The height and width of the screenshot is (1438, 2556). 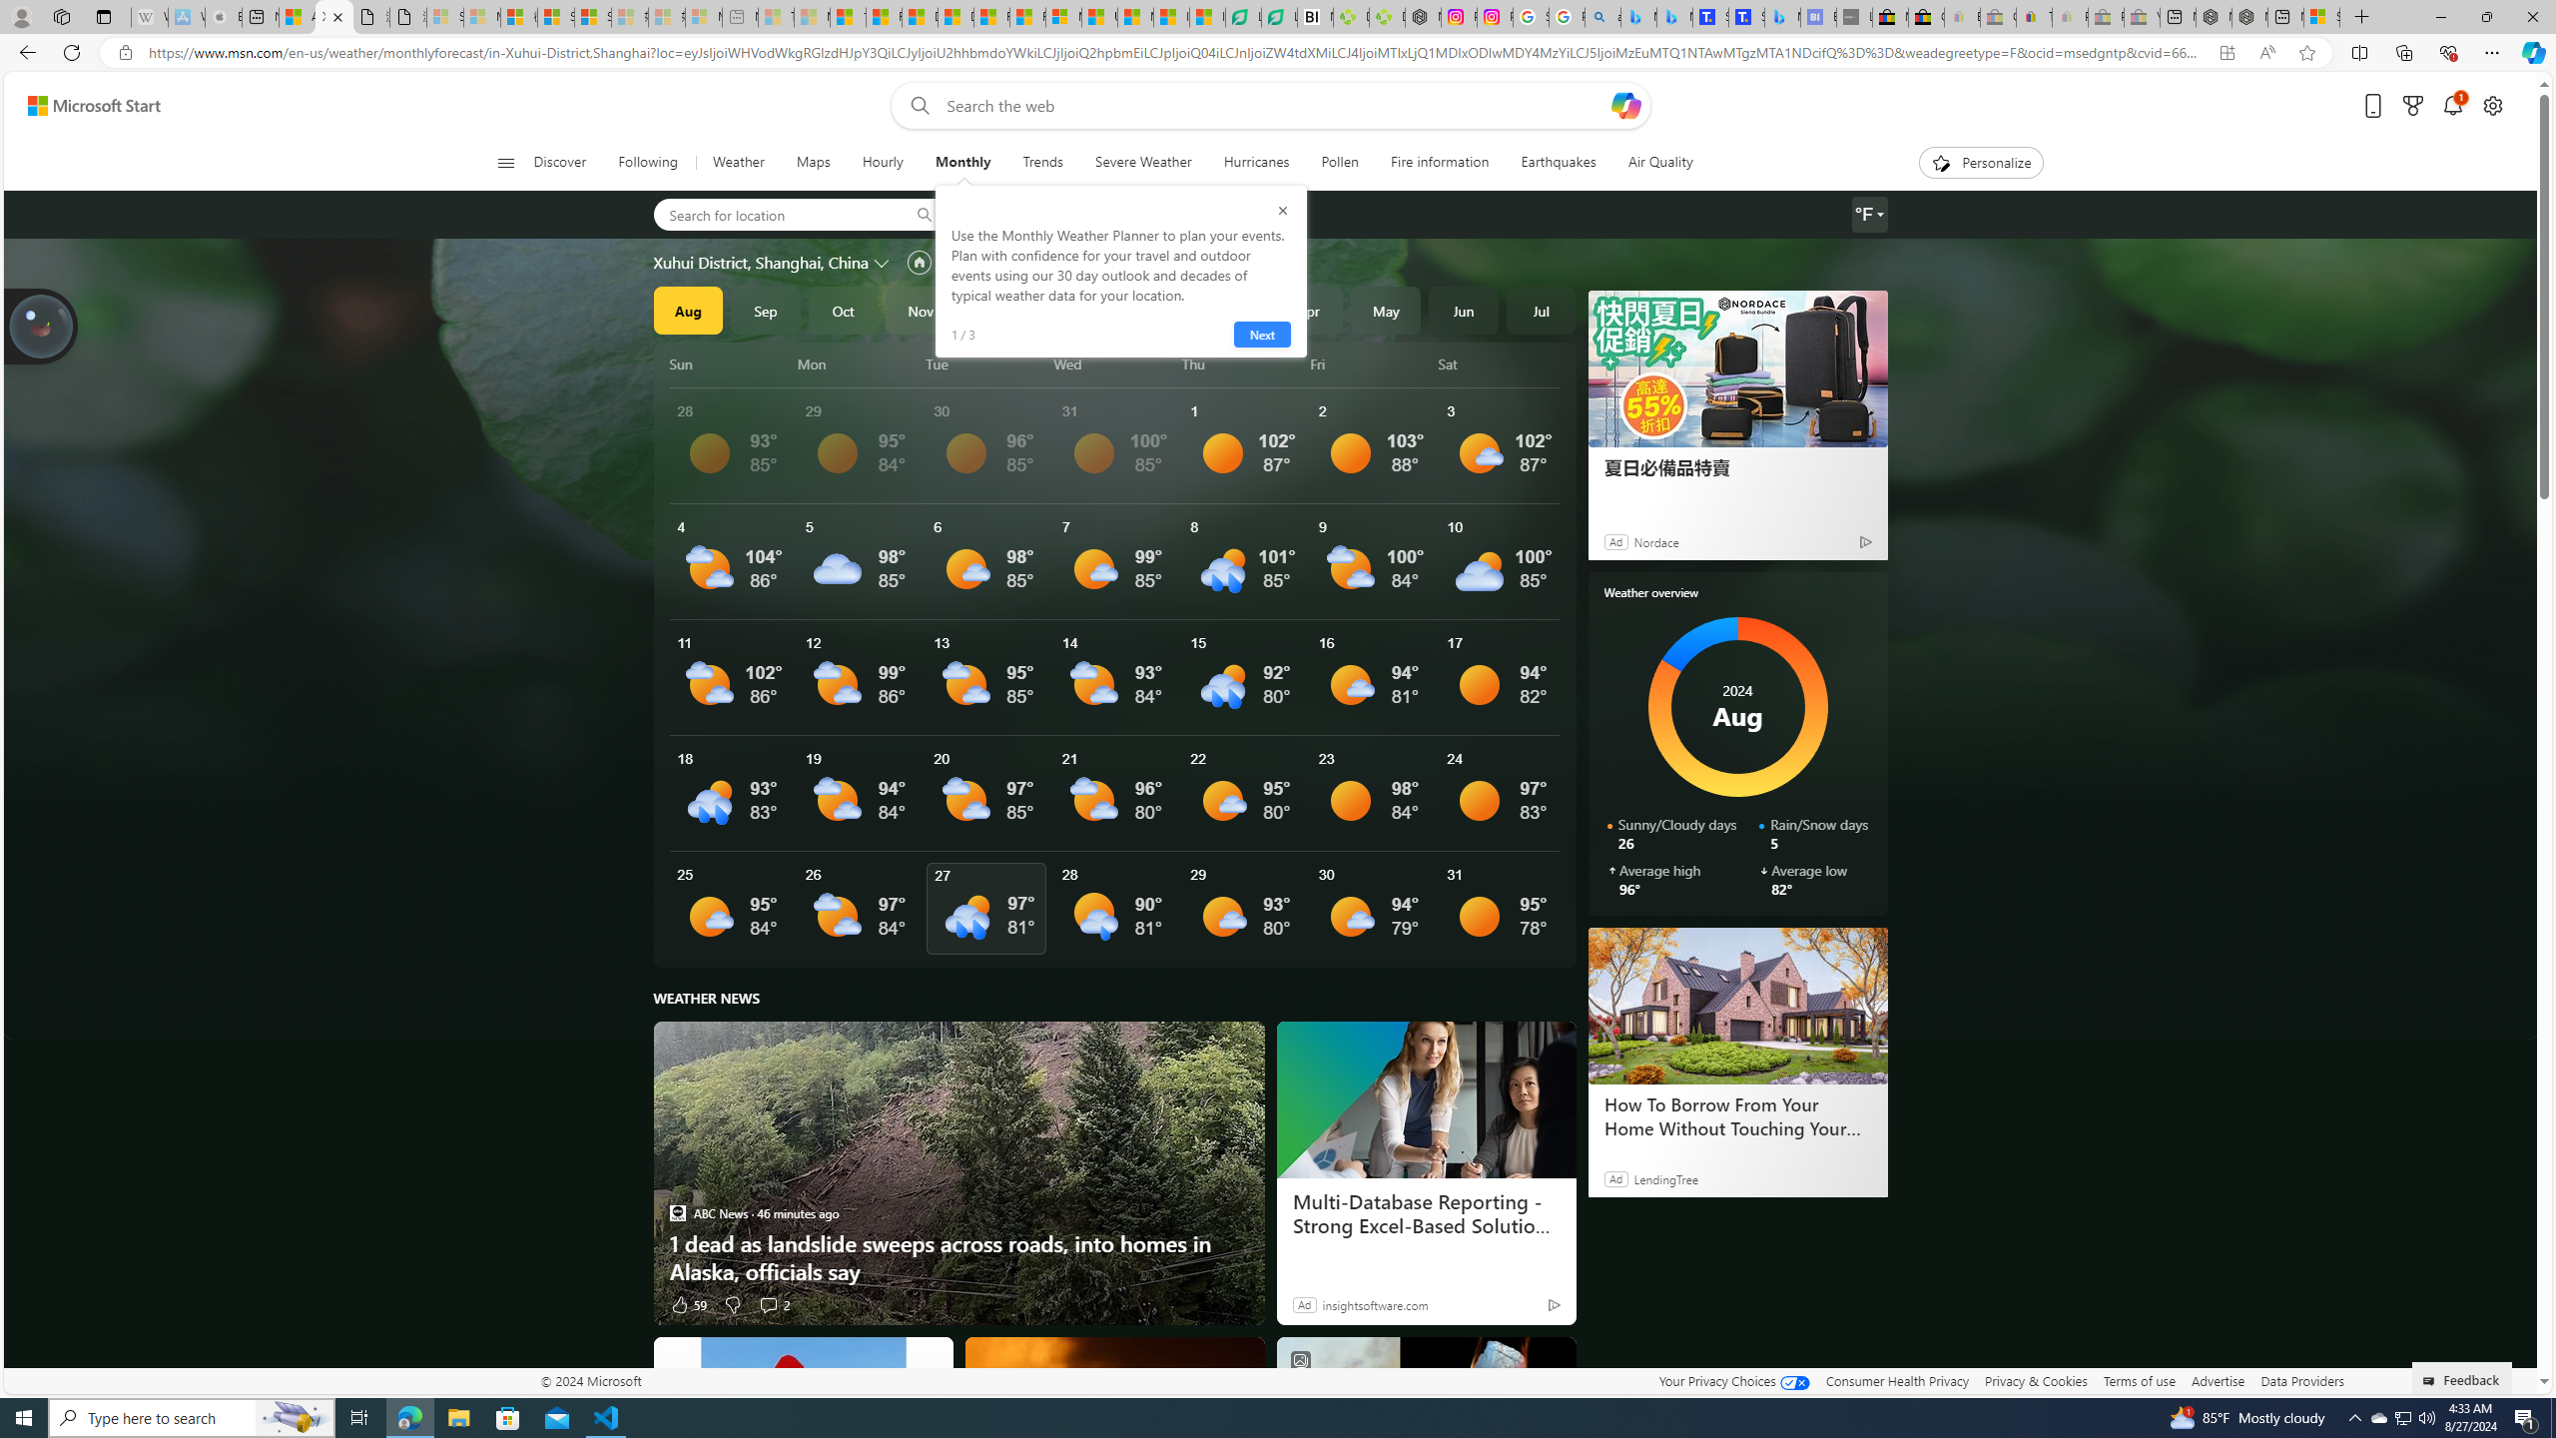 I want to click on 'Microsoft Bing Travel - Shangri-La Hotel Bangkok', so click(x=1782, y=16).